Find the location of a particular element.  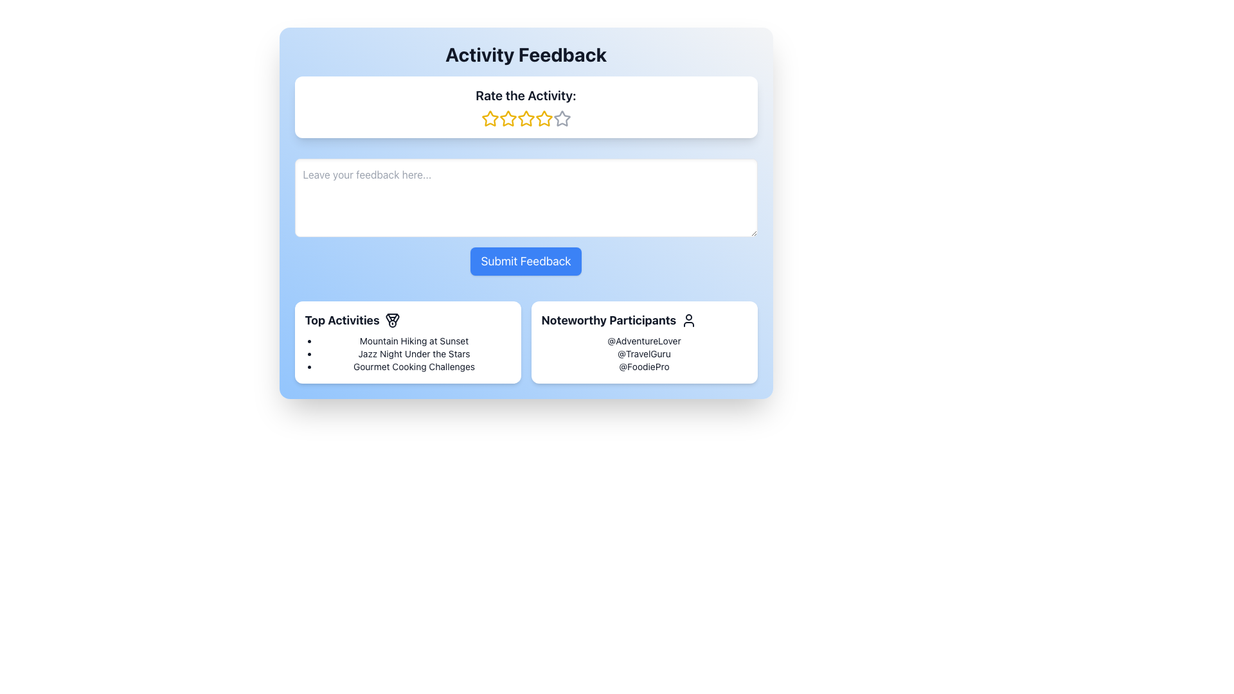

the text element that provides information about 'Mountain Hiking at Sunset,' which is the first item in the 'Top Activities' list is located at coordinates (414, 341).